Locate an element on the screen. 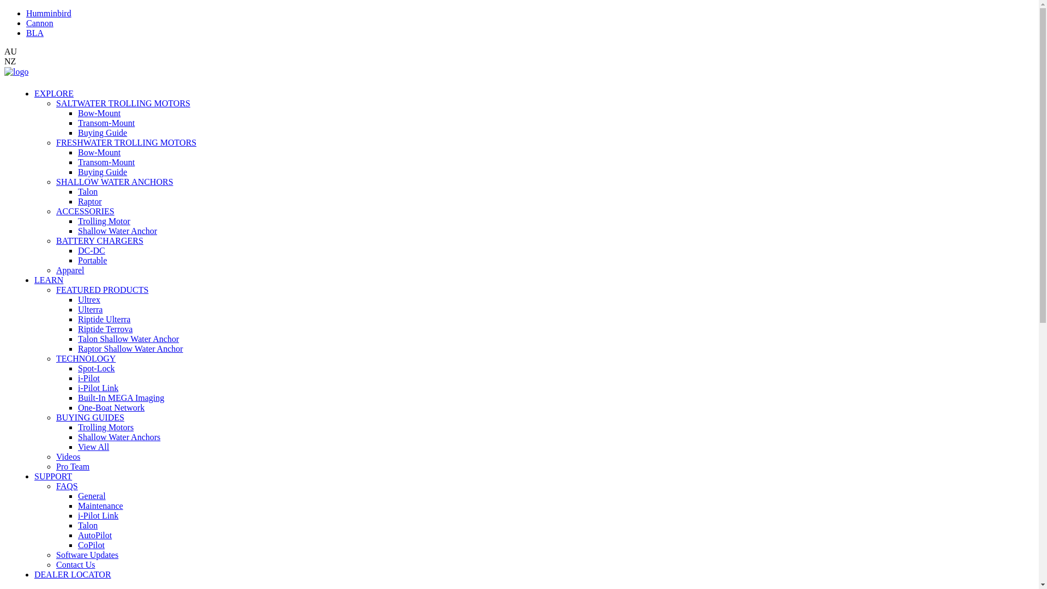  'Bow-Mount' is located at coordinates (99, 113).